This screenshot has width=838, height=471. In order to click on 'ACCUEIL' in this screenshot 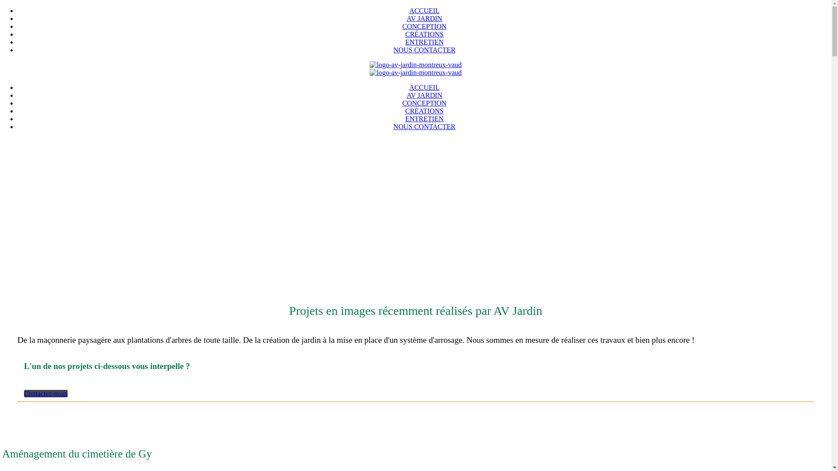, I will do `click(424, 87)`.